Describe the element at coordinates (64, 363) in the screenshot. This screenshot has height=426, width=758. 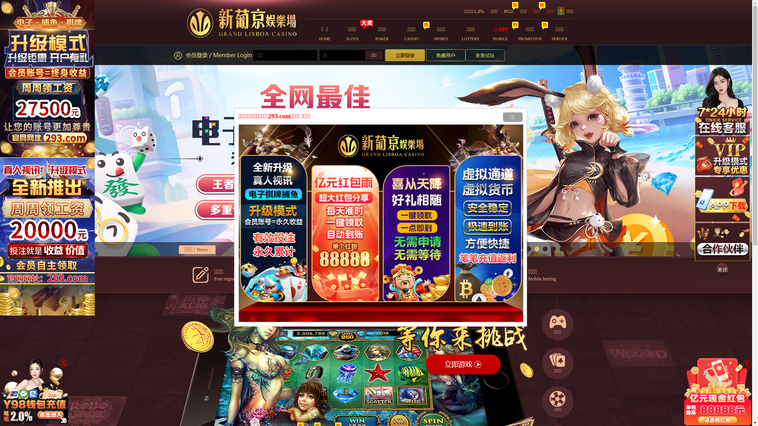
I see `'X'` at that location.